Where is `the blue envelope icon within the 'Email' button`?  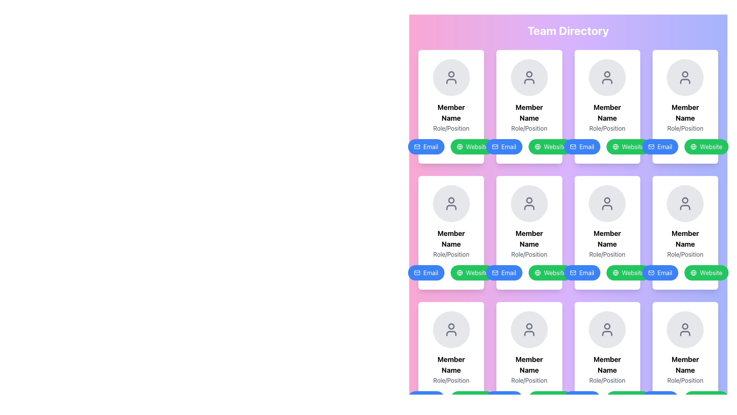
the blue envelope icon within the 'Email' button is located at coordinates (573, 272).